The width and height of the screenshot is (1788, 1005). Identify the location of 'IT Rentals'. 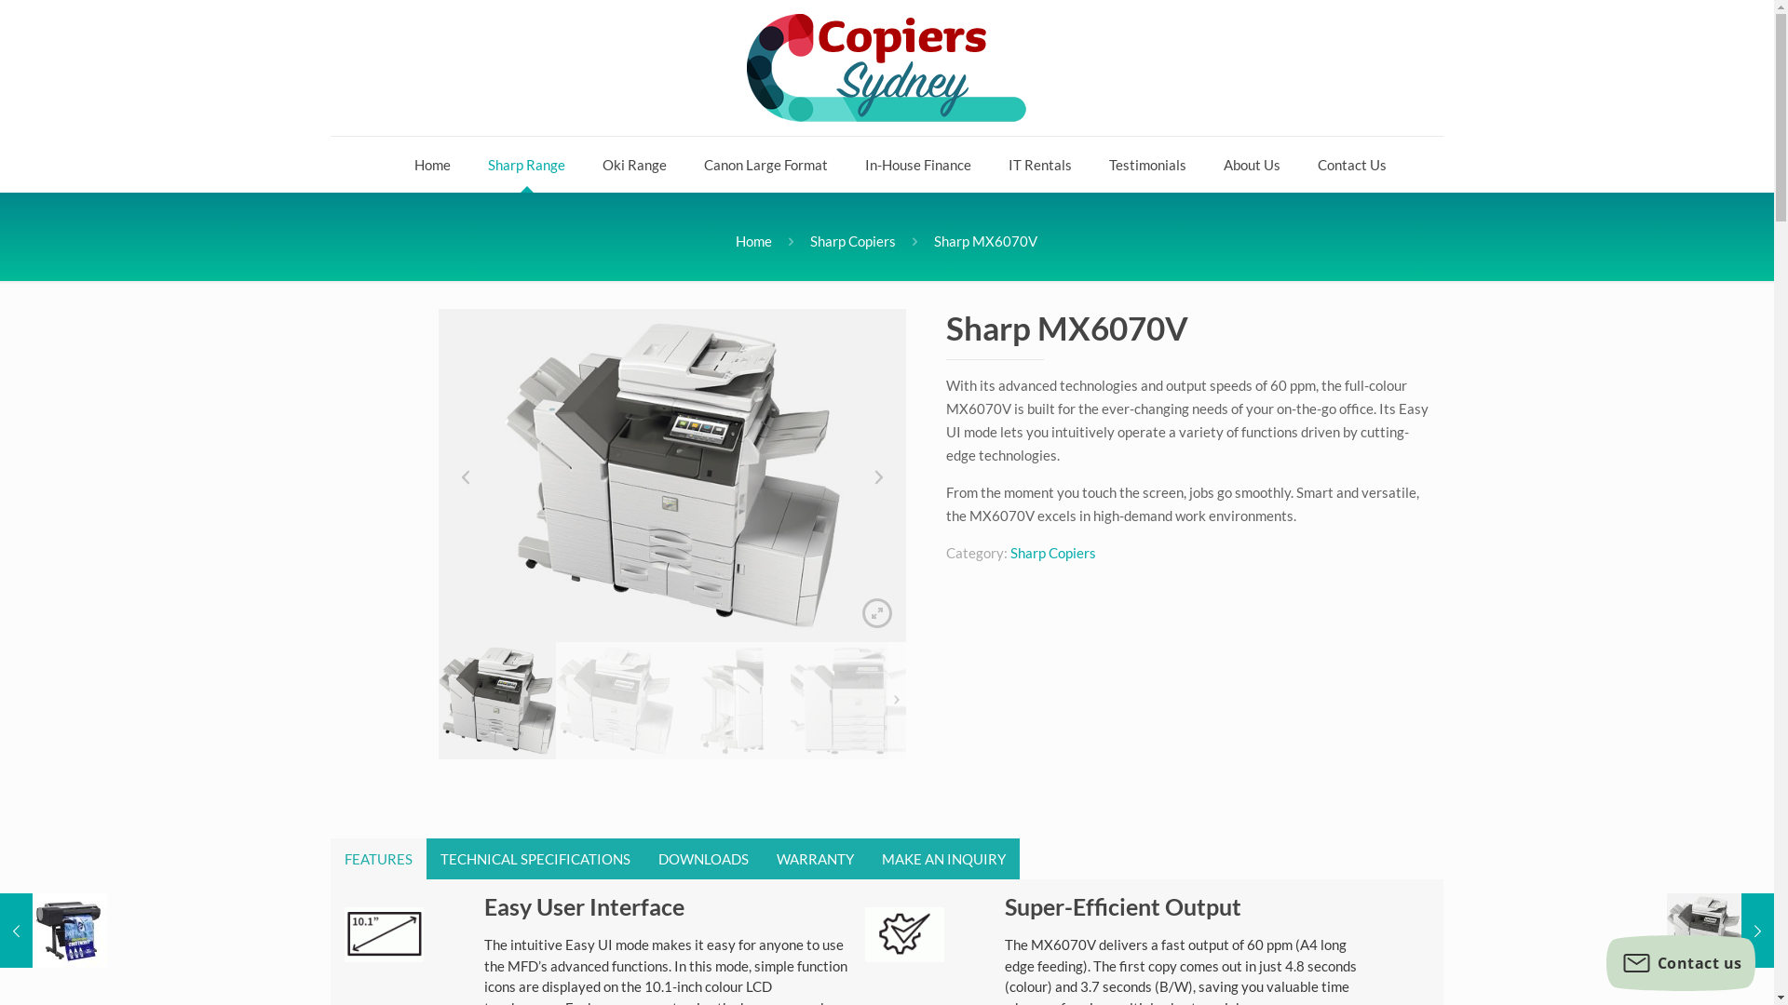
(1039, 164).